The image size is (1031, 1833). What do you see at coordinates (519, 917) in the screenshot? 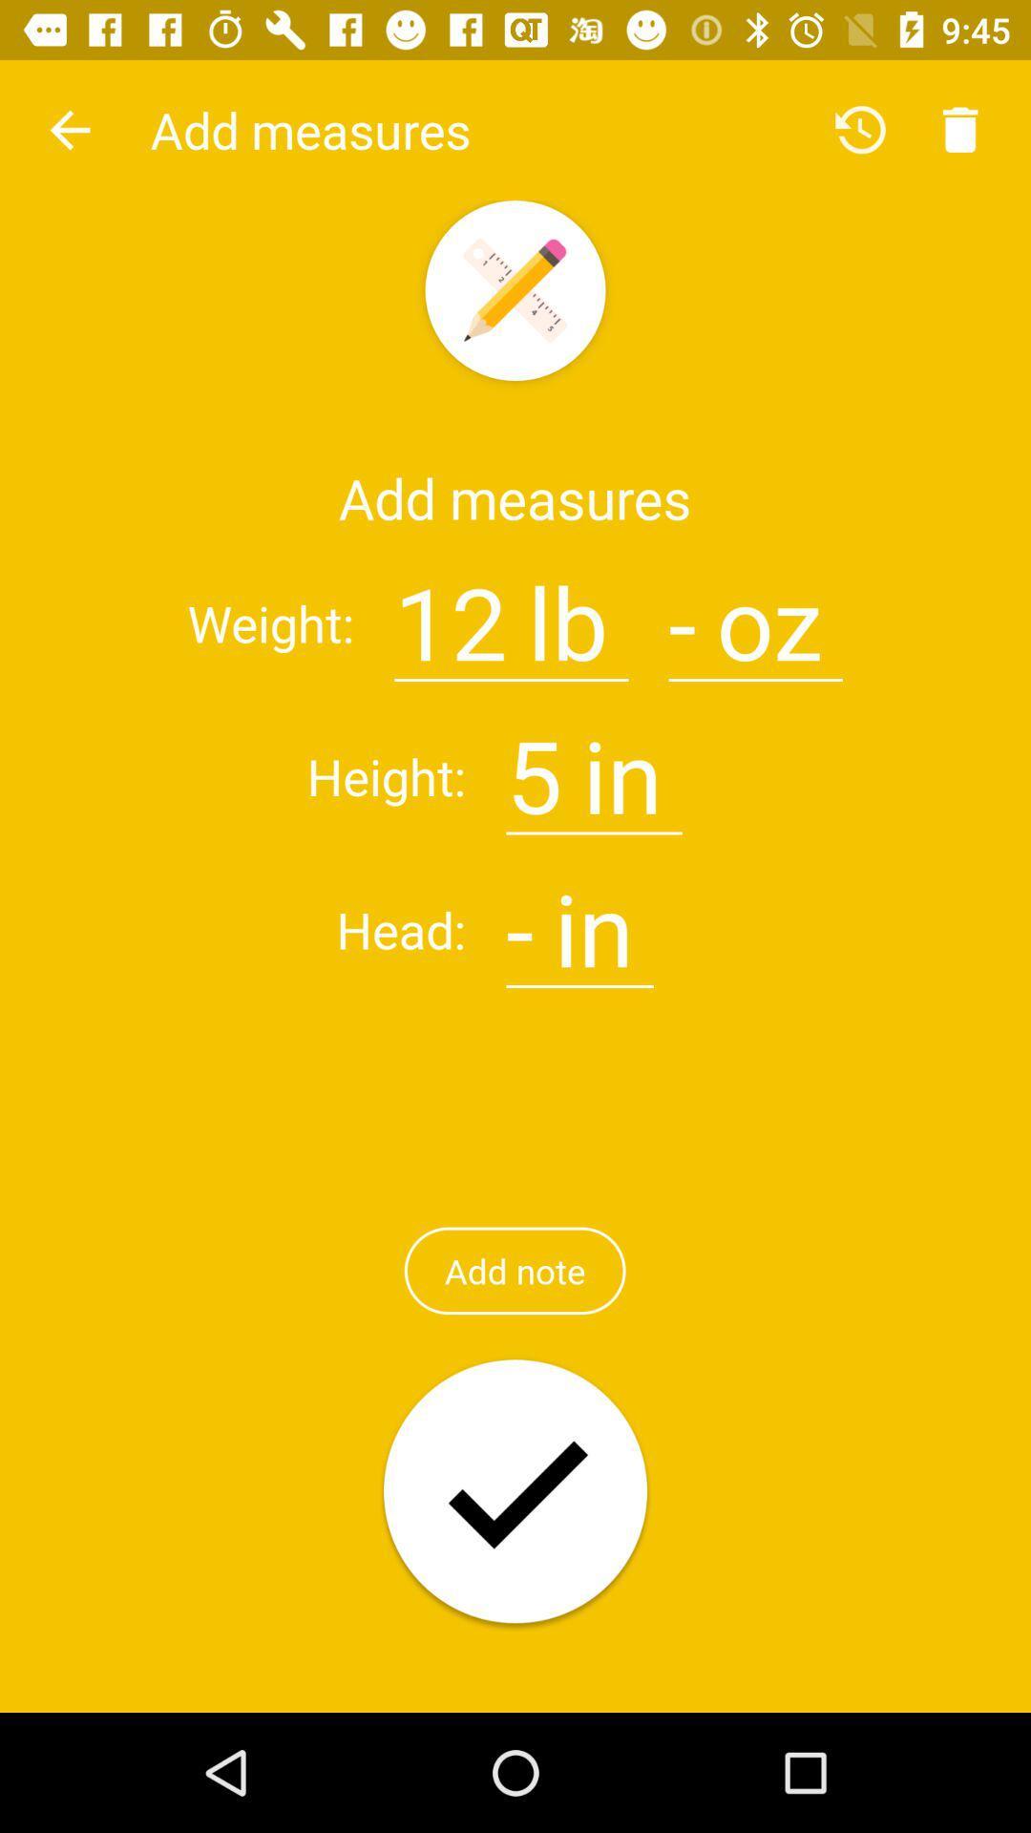
I see `the symbol bar` at bounding box center [519, 917].